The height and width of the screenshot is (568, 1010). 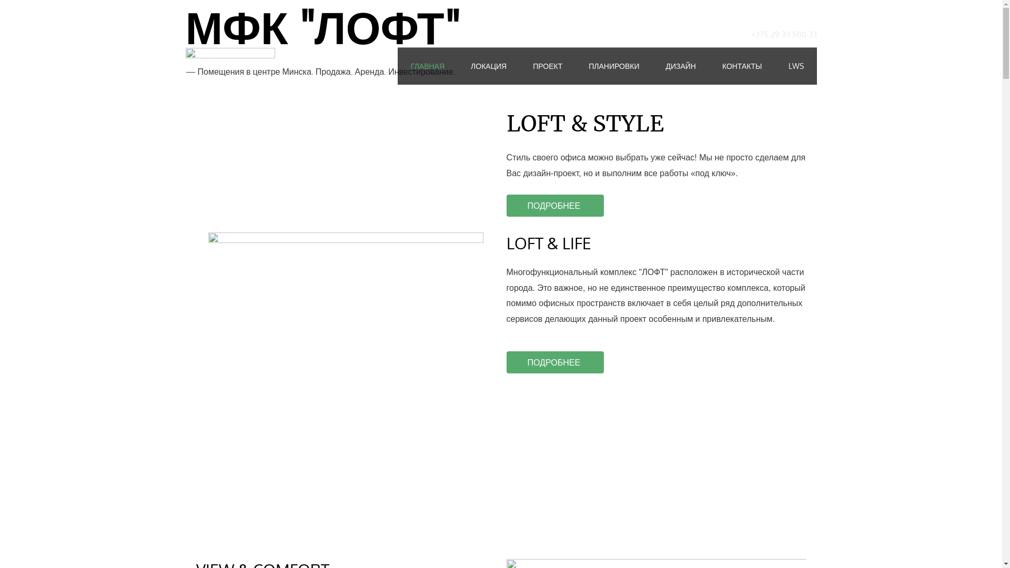 What do you see at coordinates (796, 66) in the screenshot?
I see `'LWS'` at bounding box center [796, 66].